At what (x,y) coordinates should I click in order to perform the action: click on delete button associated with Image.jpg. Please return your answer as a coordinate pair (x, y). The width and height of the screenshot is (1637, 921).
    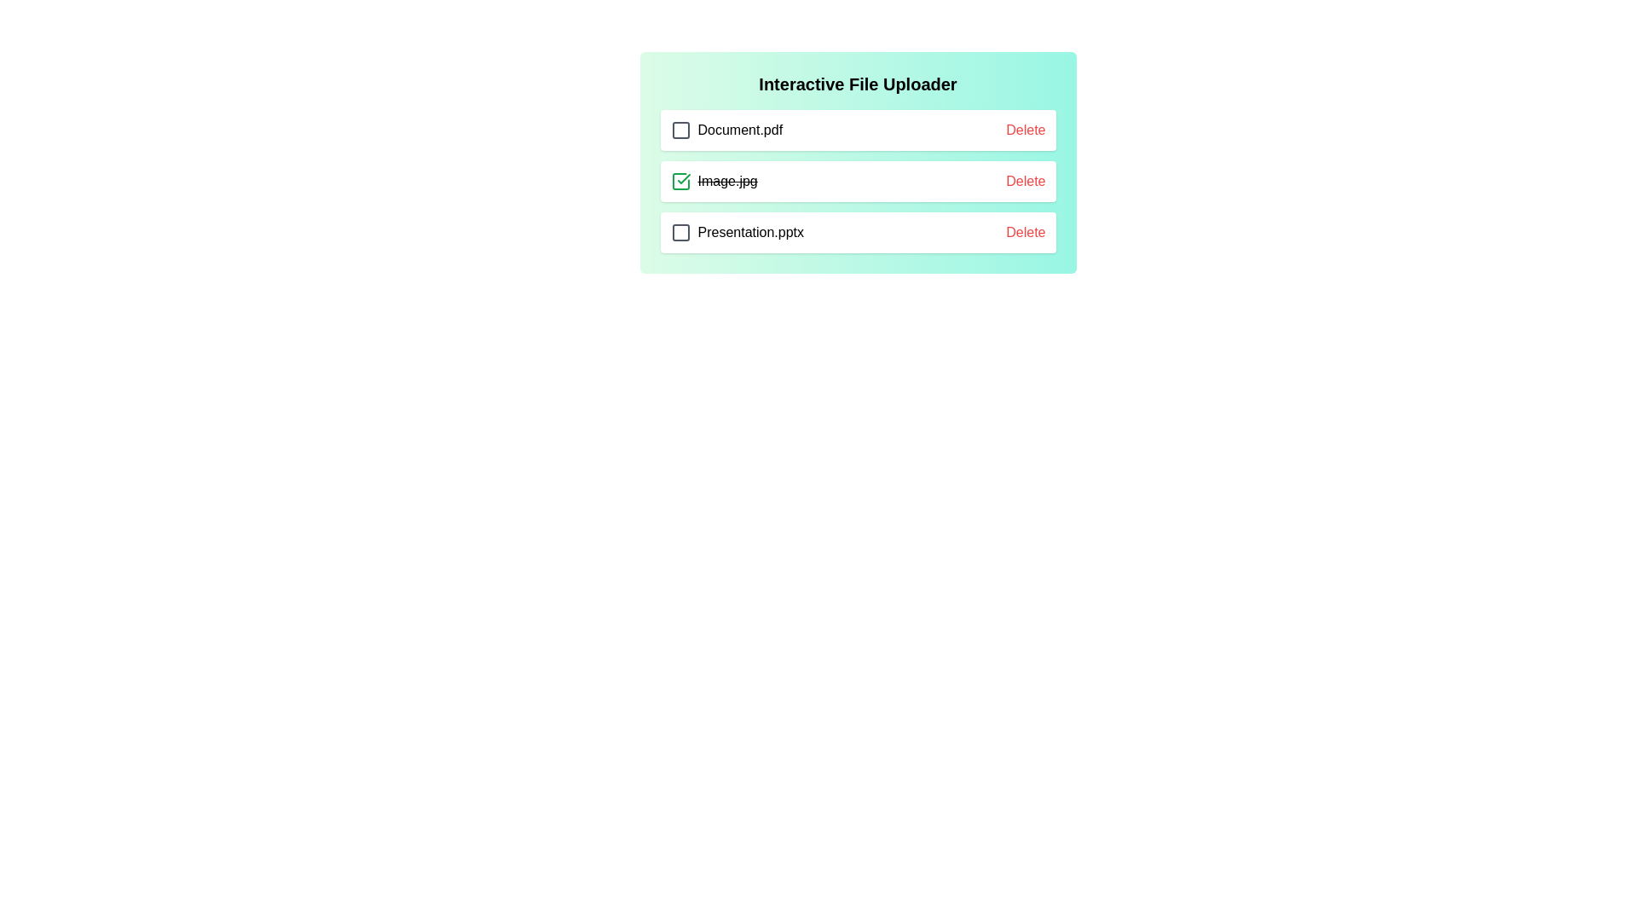
    Looking at the image, I should click on (1025, 181).